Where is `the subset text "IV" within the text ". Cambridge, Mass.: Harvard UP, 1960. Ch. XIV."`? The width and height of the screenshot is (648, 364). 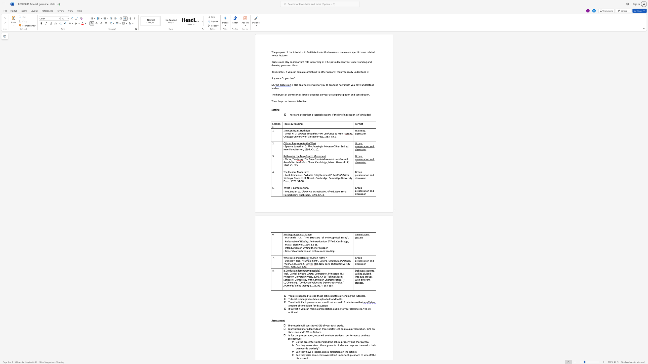 the subset text "IV" within the text ". Cambridge, Mass.: Harvard UP, 1960. Ch. XIV." is located at coordinates (296, 165).